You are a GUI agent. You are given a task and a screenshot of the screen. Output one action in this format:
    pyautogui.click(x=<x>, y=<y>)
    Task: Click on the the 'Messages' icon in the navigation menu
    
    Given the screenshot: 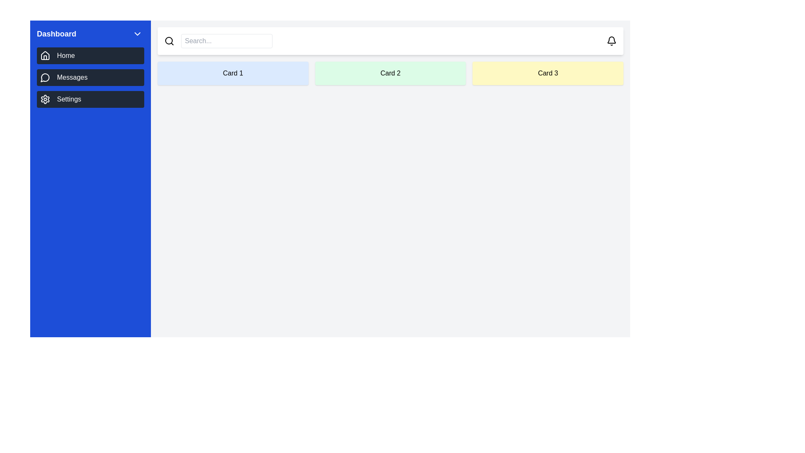 What is the action you would take?
    pyautogui.click(x=44, y=78)
    